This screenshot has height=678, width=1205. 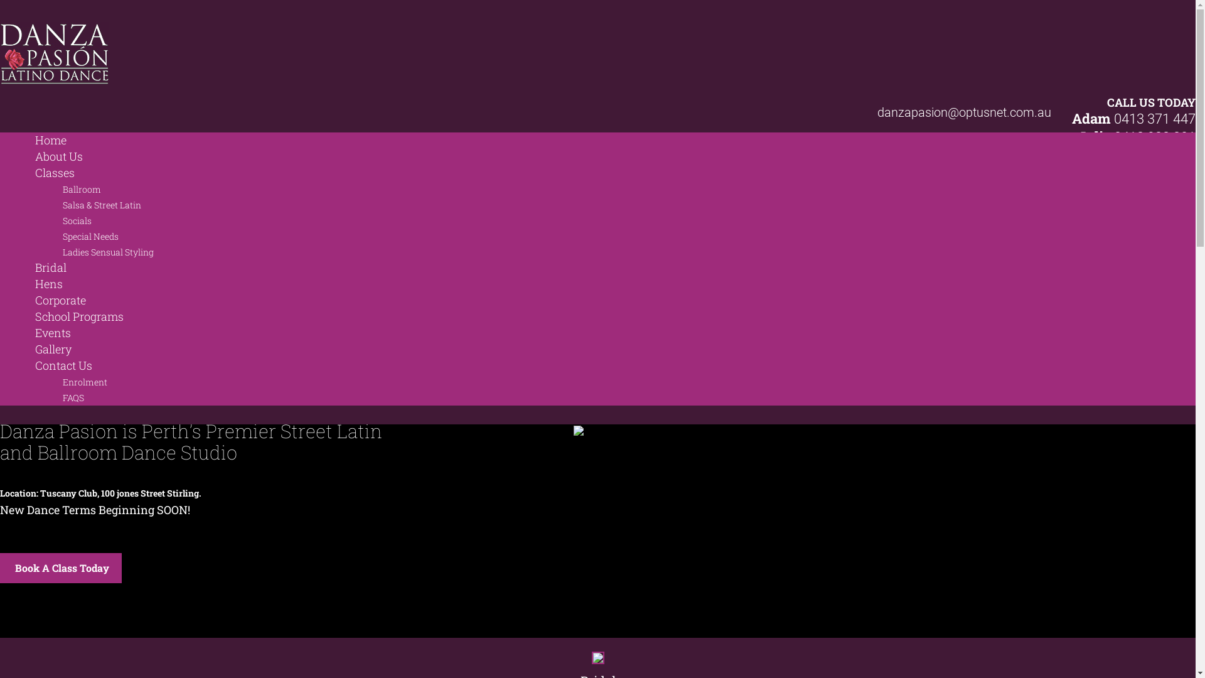 What do you see at coordinates (1154, 137) in the screenshot?
I see `'0418 928 201'` at bounding box center [1154, 137].